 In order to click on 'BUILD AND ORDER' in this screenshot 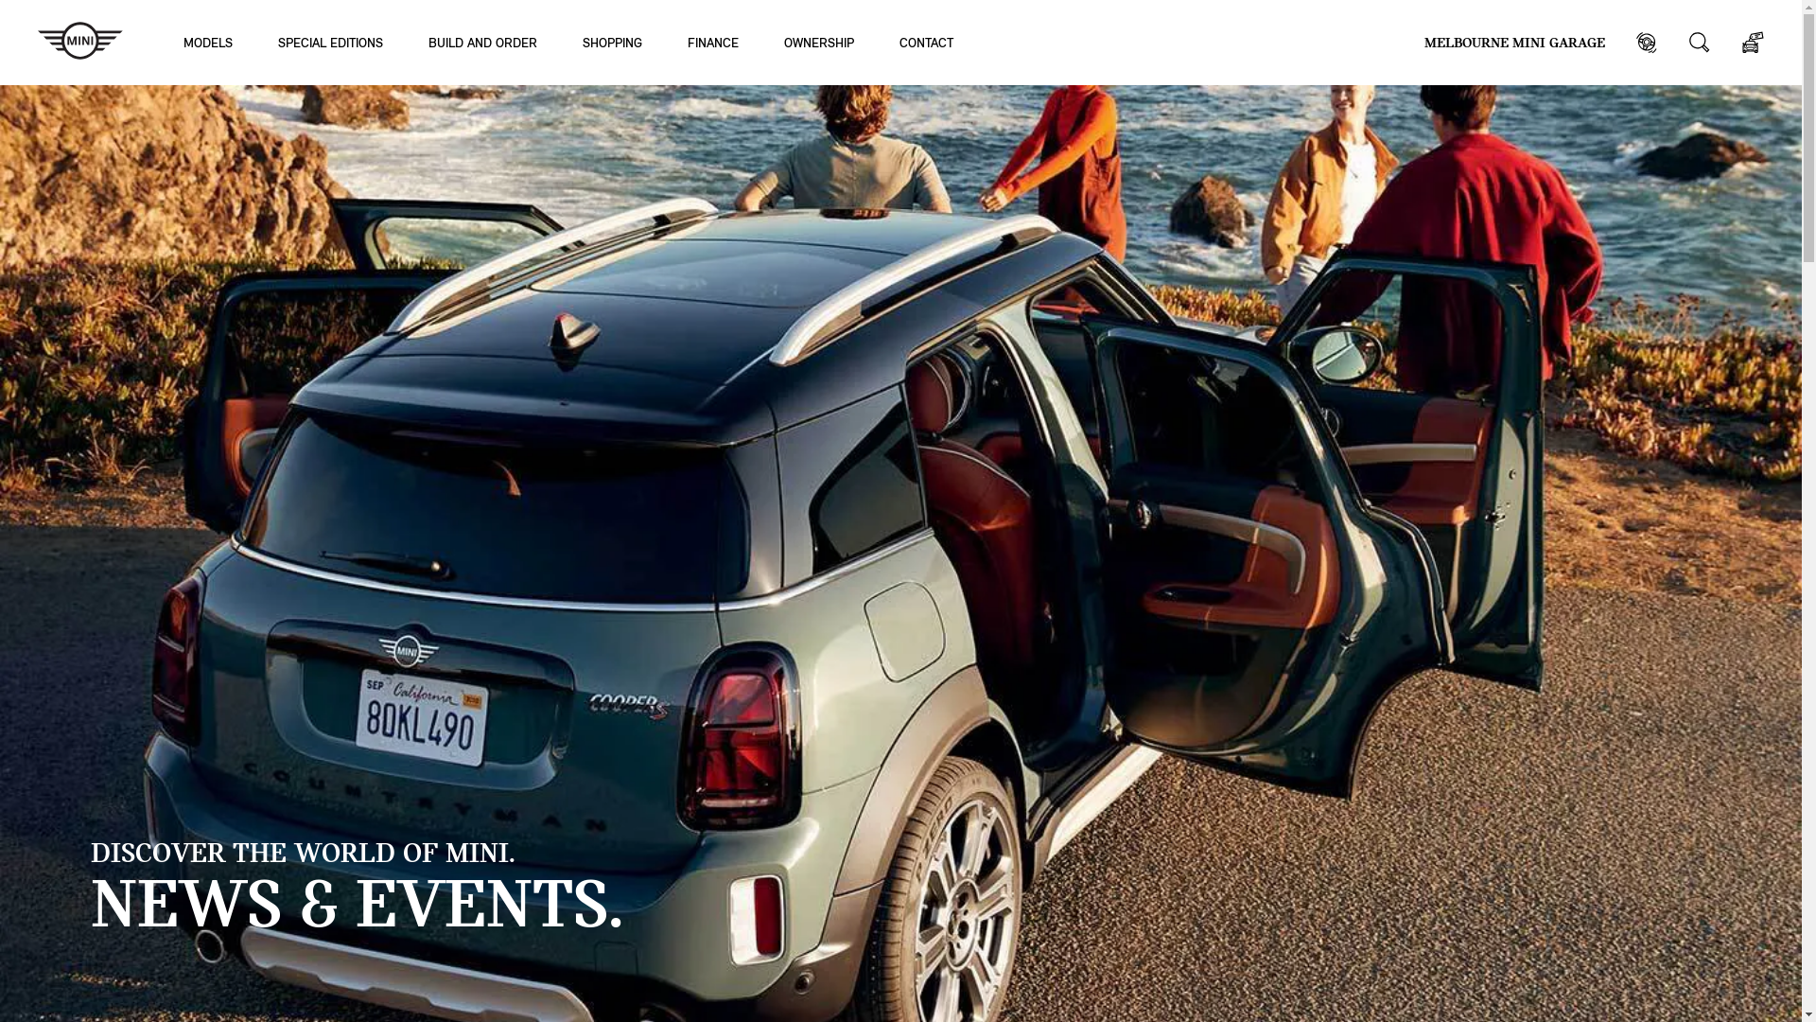, I will do `click(482, 42)`.